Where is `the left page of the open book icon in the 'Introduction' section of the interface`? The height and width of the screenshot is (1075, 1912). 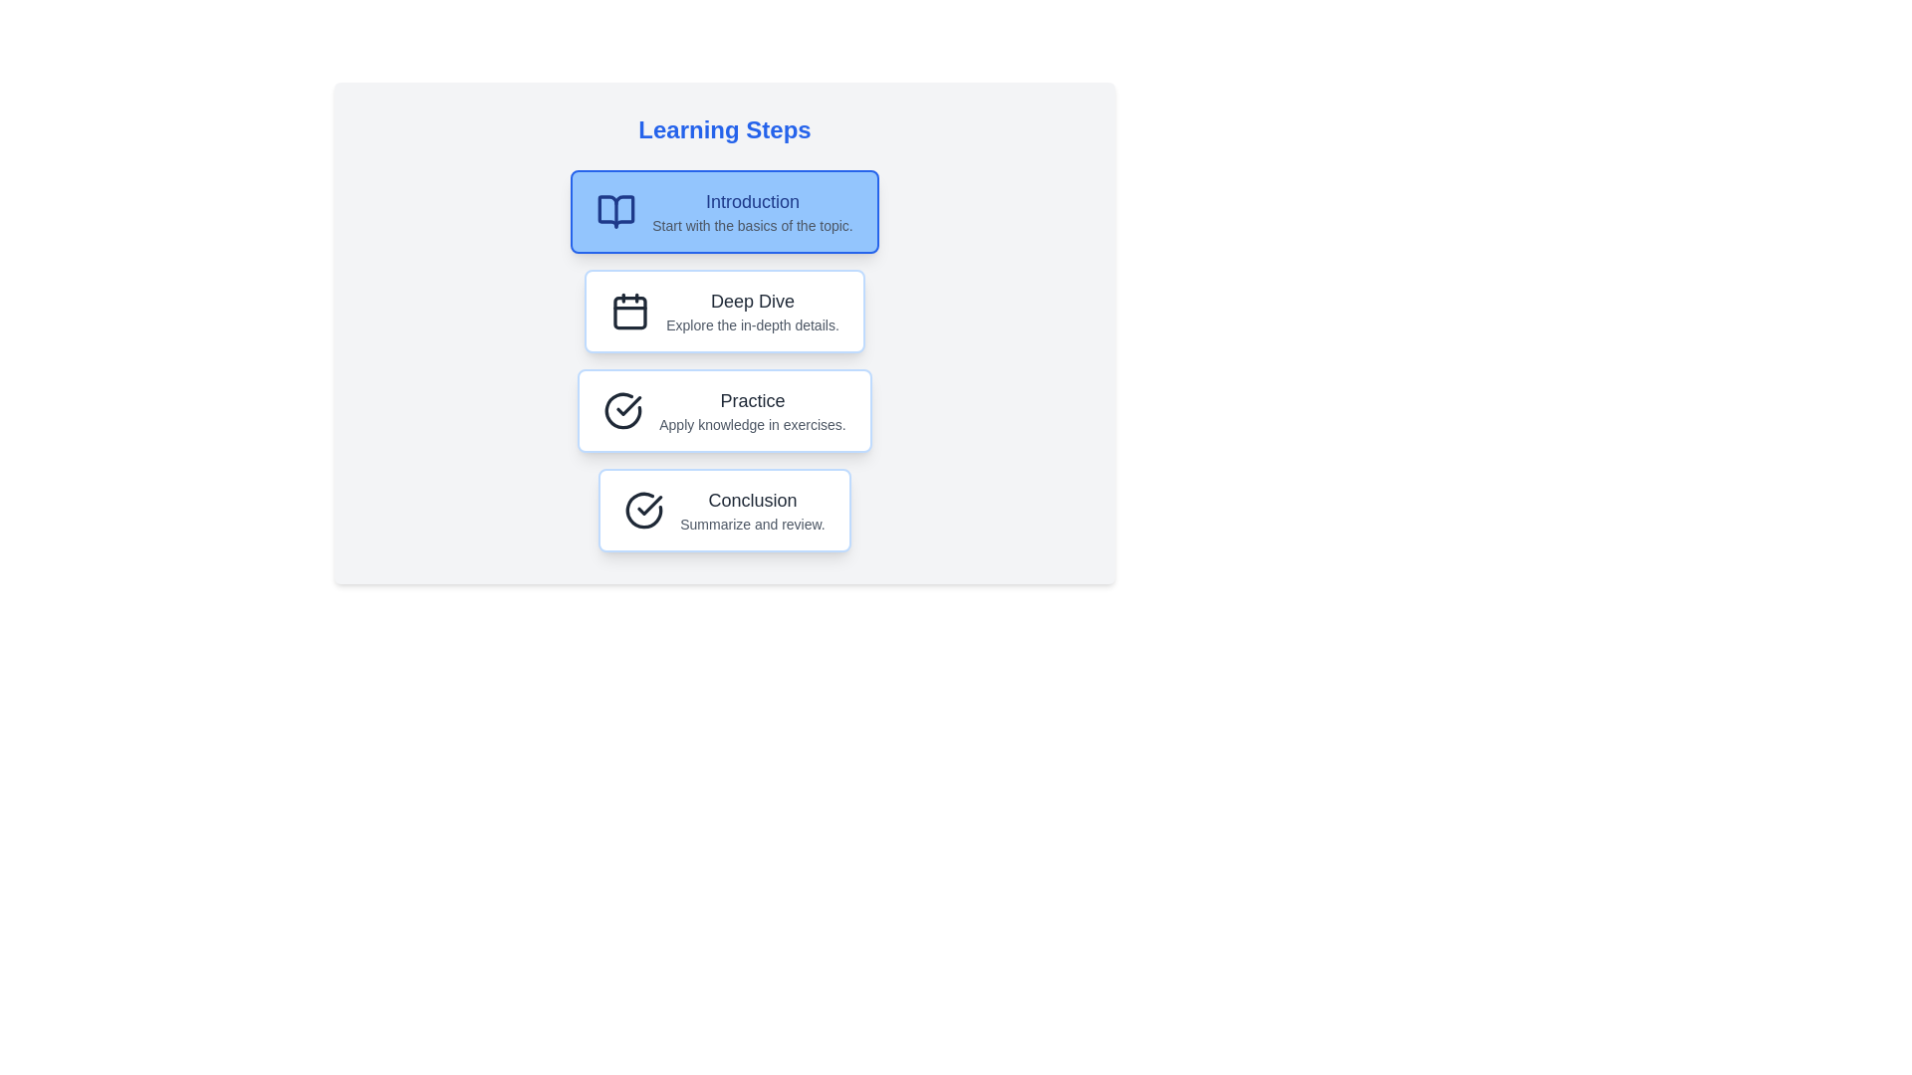
the left page of the open book icon in the 'Introduction' section of the interface is located at coordinates (615, 211).